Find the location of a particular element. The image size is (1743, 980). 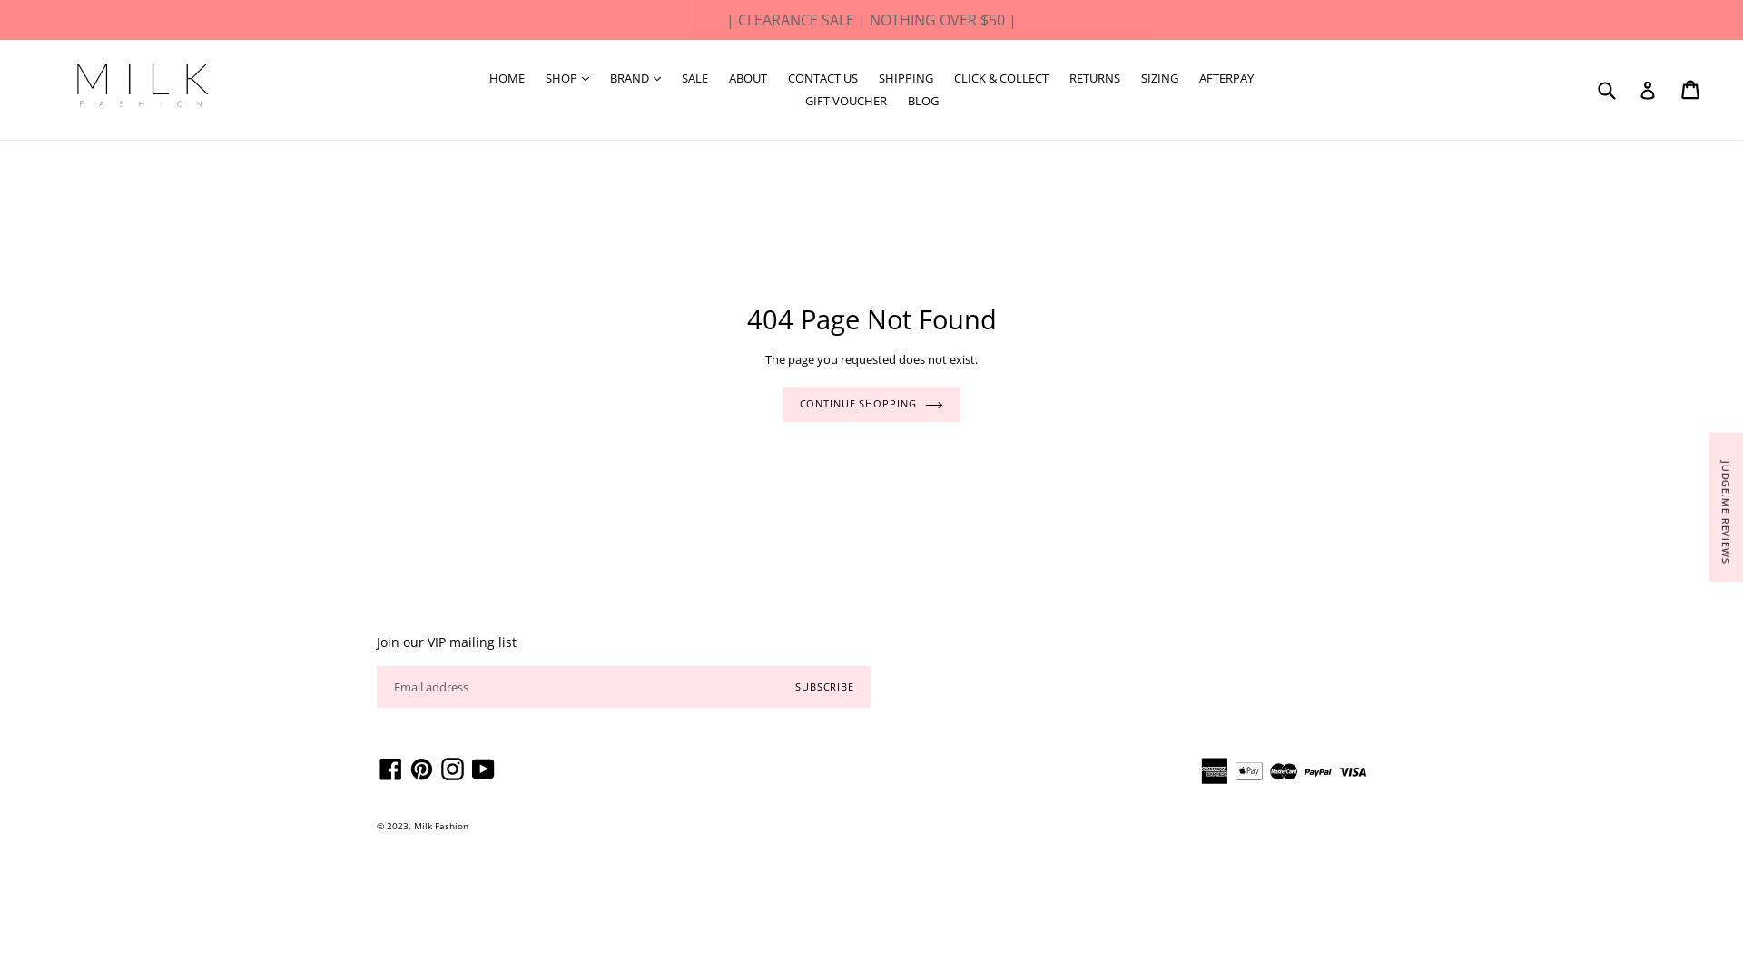

'ABOUT' is located at coordinates (748, 78).